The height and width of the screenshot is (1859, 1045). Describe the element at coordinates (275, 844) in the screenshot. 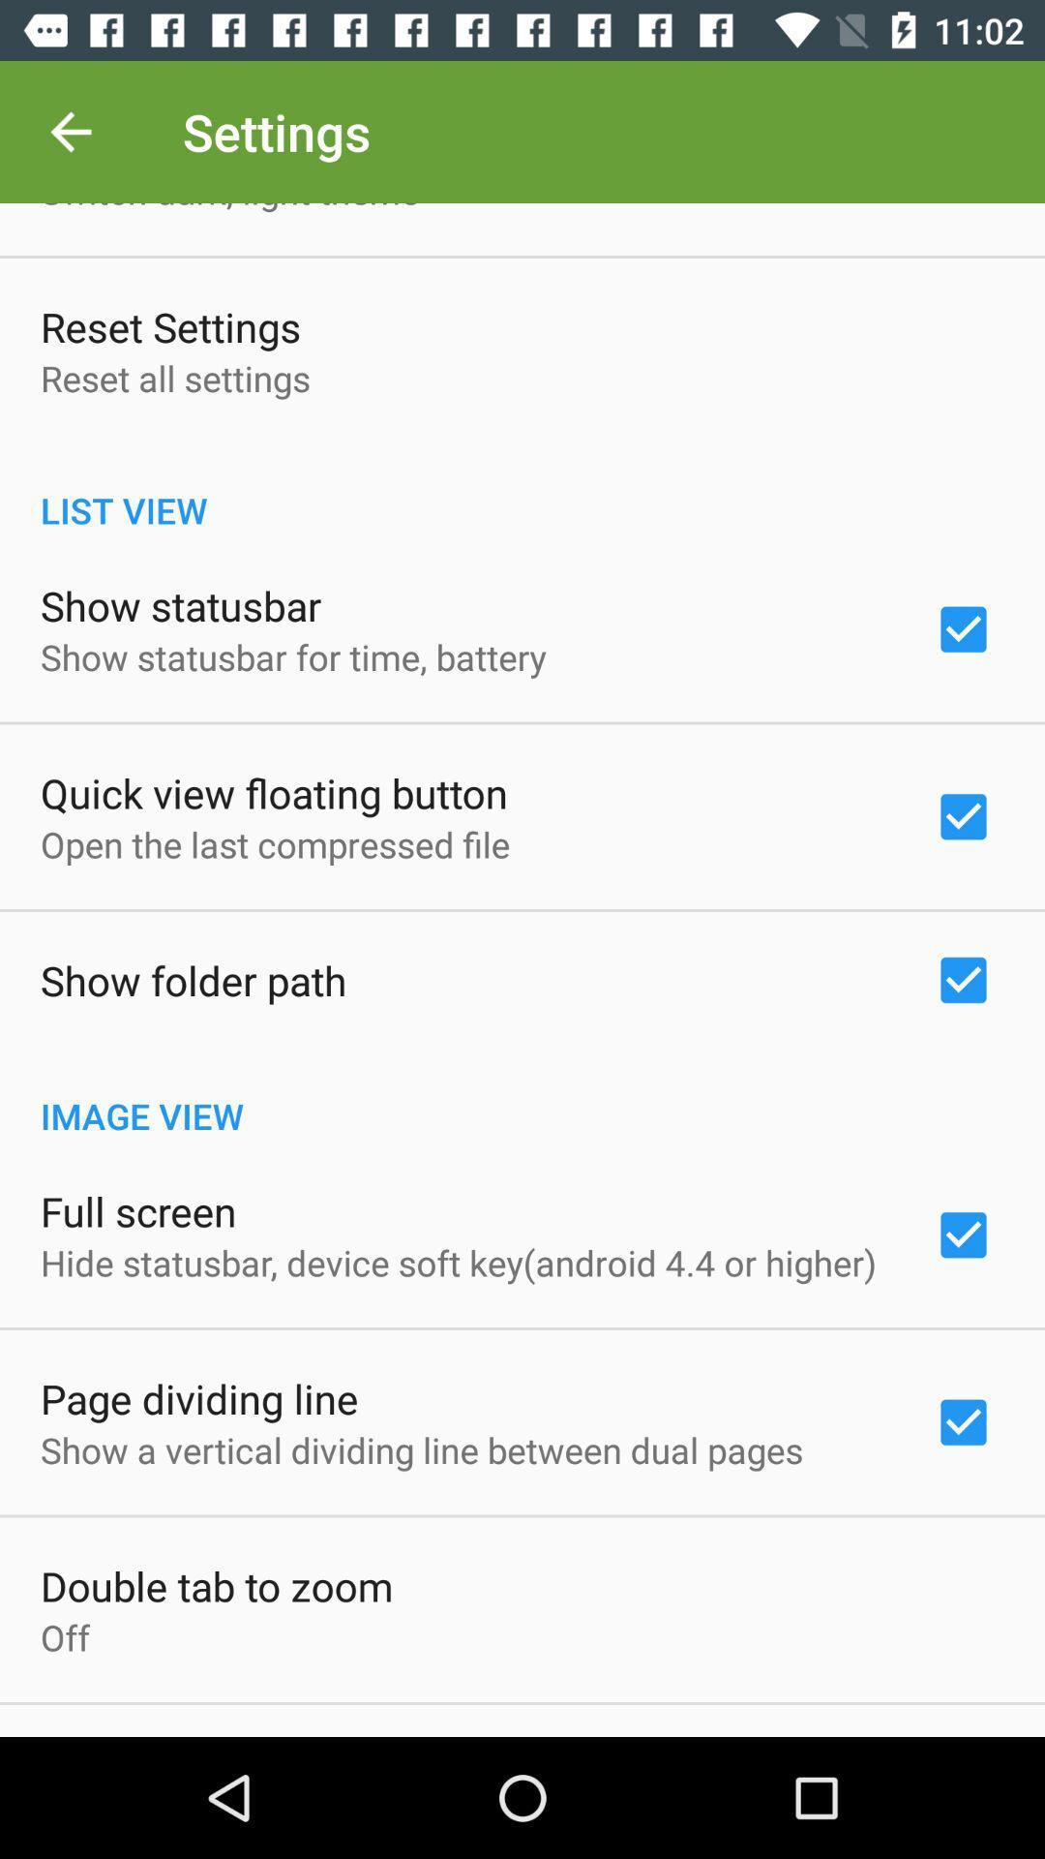

I see `open the last` at that location.